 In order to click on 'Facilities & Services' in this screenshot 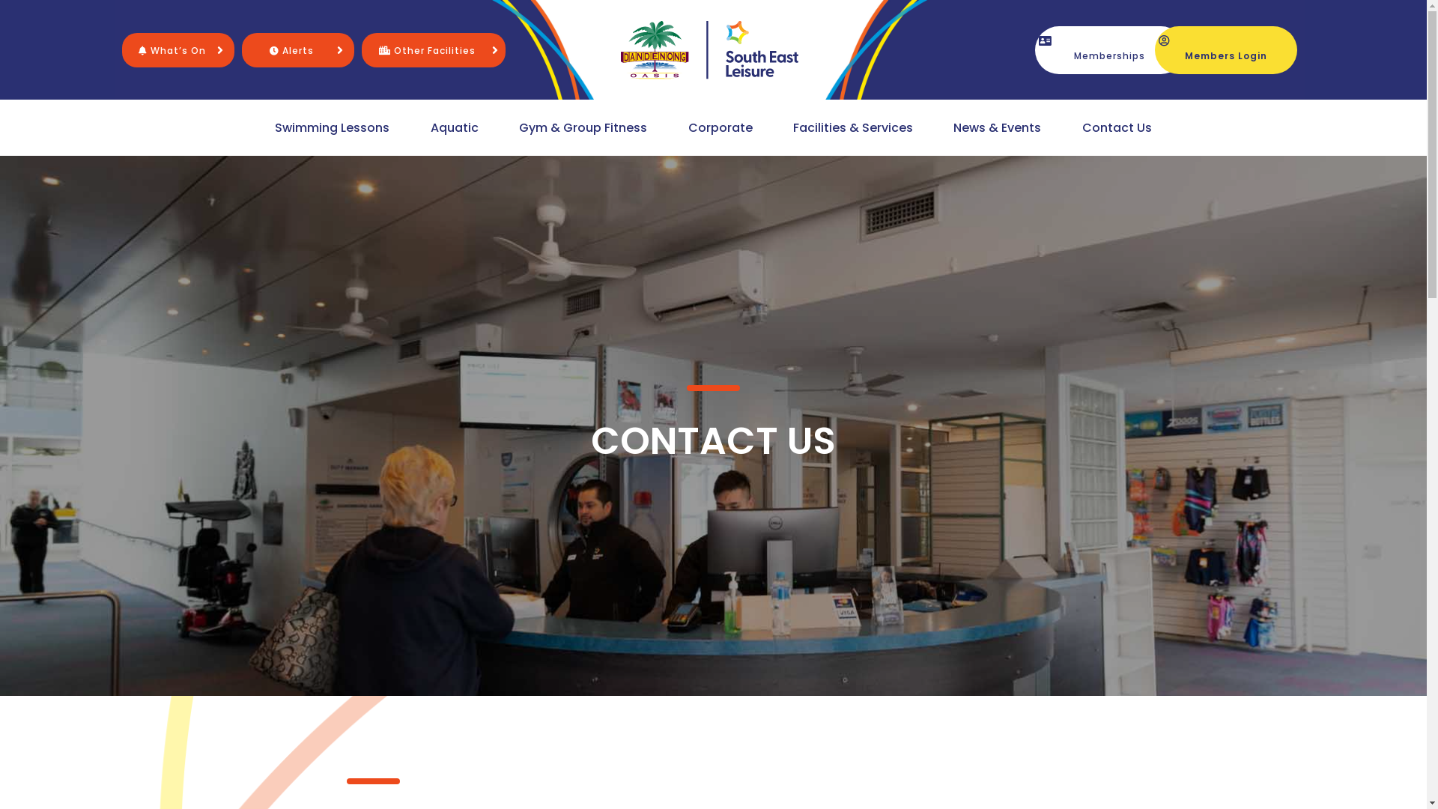, I will do `click(789, 127)`.